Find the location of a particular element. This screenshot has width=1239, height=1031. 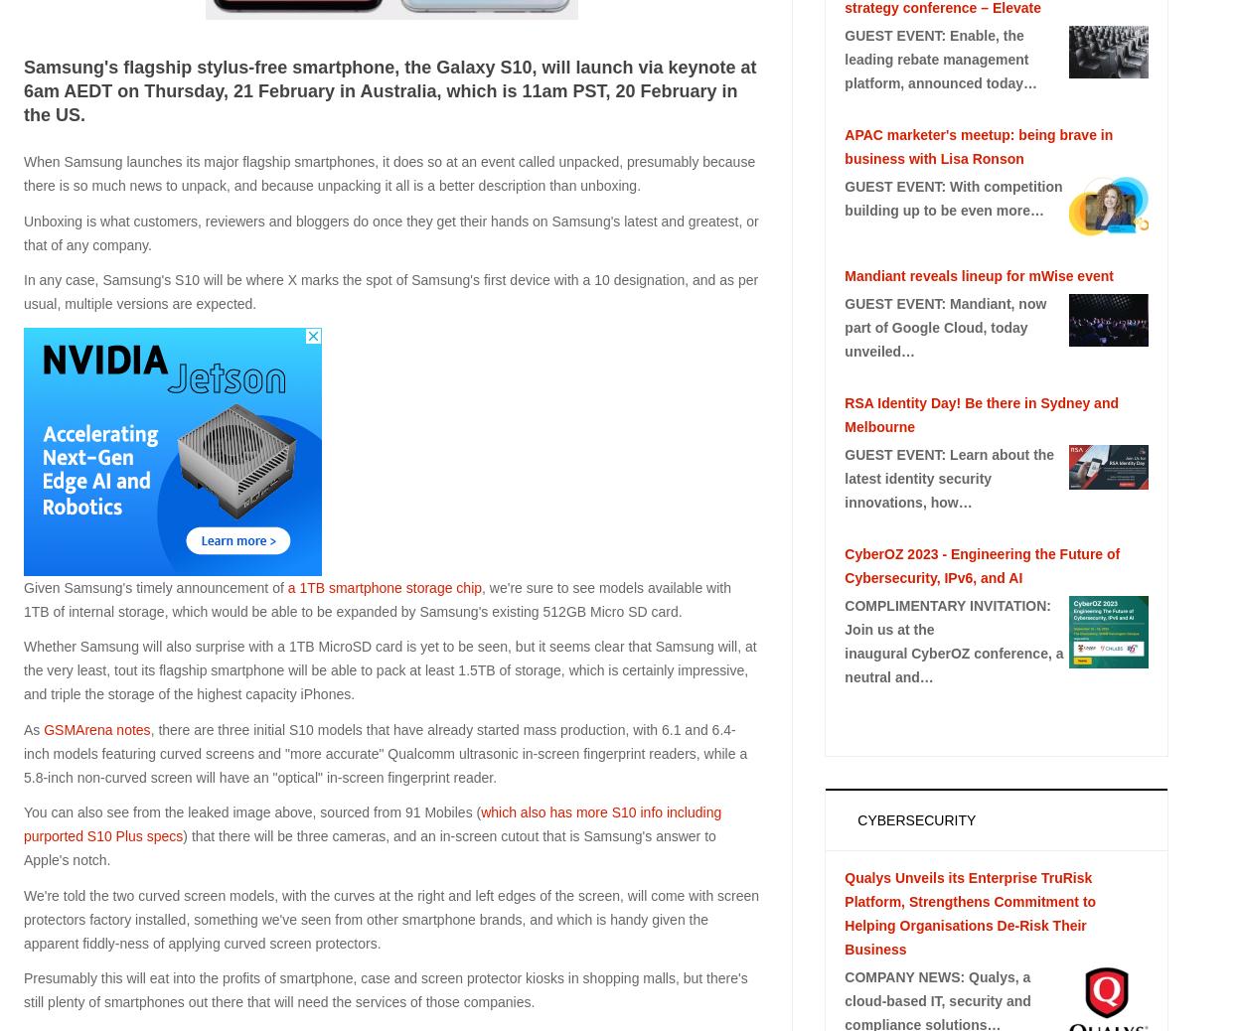

'In any case, Samsung's S10 will be where X marks the spot of Samsung's first device with a 10 designation, and as per usual, multiple versions are expected.' is located at coordinates (23, 291).